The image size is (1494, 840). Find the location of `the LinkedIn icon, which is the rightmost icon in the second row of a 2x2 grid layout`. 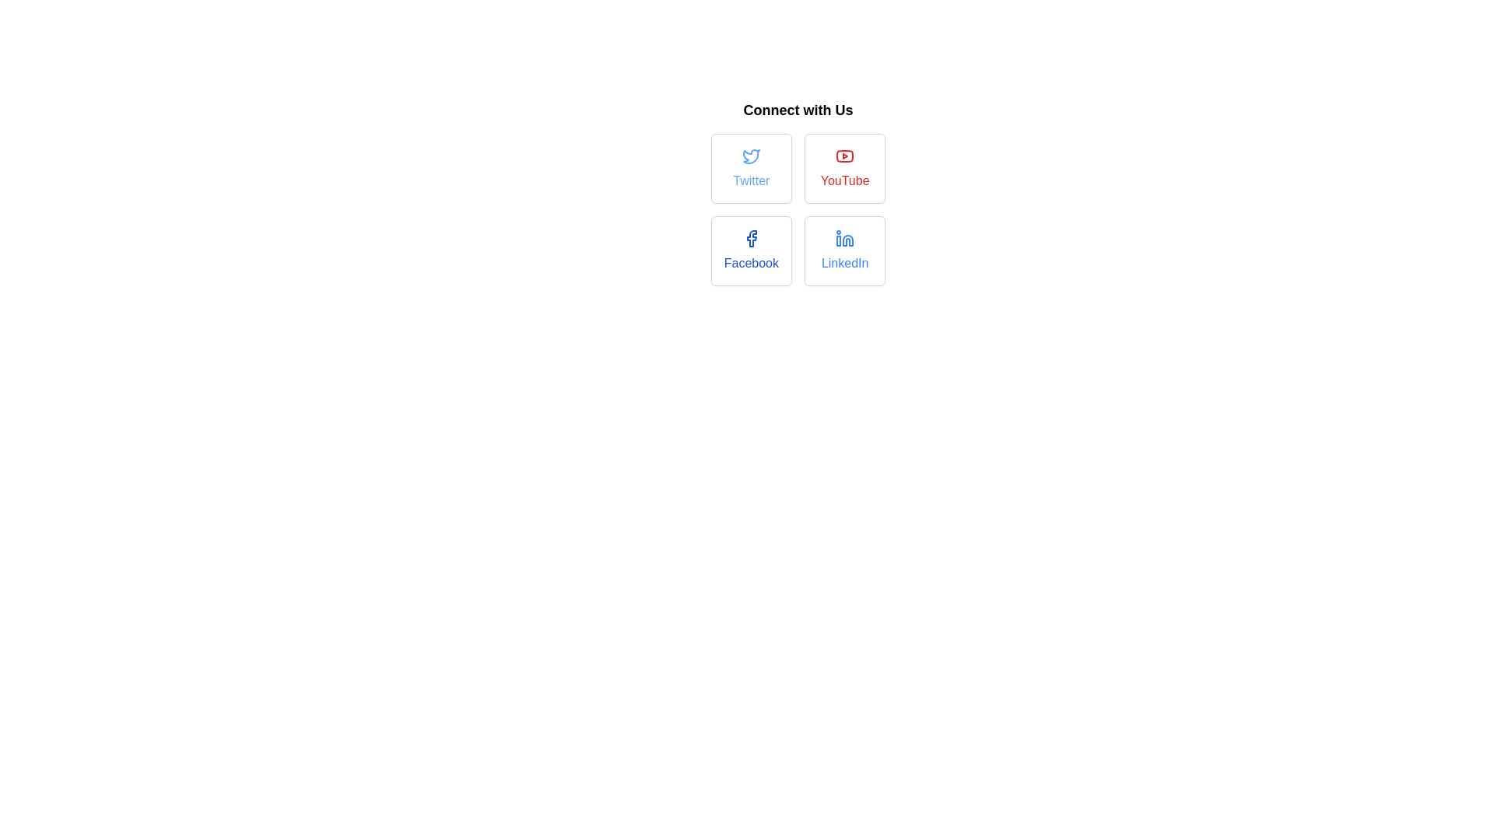

the LinkedIn icon, which is the rightmost icon in the second row of a 2x2 grid layout is located at coordinates (847, 240).